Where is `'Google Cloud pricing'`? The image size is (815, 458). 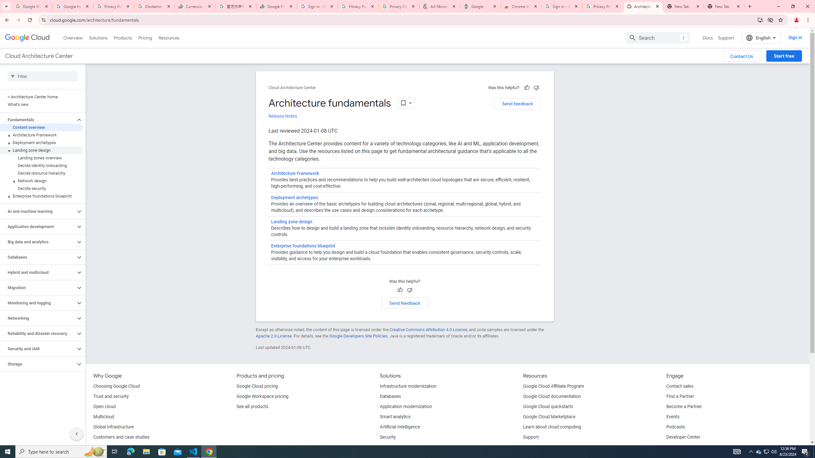 'Google Cloud pricing' is located at coordinates (257, 386).